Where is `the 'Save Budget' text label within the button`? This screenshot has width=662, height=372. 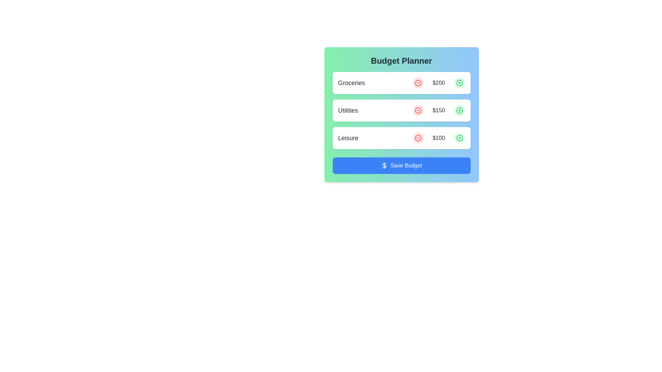 the 'Save Budget' text label within the button is located at coordinates (406, 166).